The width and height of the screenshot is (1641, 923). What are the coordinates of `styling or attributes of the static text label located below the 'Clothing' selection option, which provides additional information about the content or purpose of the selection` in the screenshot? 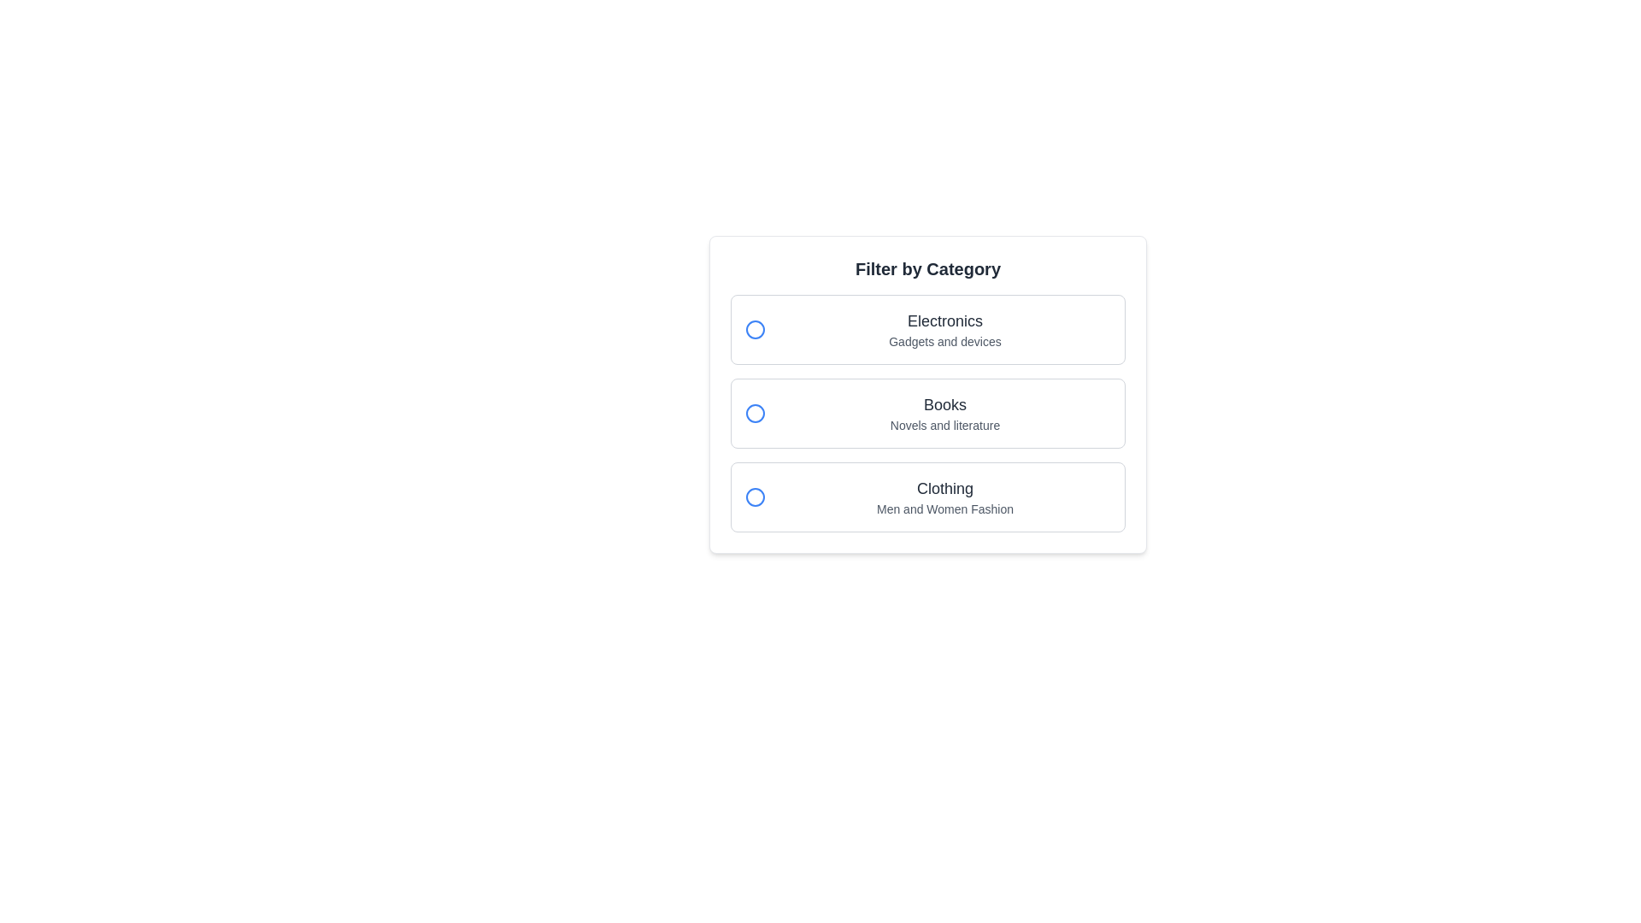 It's located at (944, 509).